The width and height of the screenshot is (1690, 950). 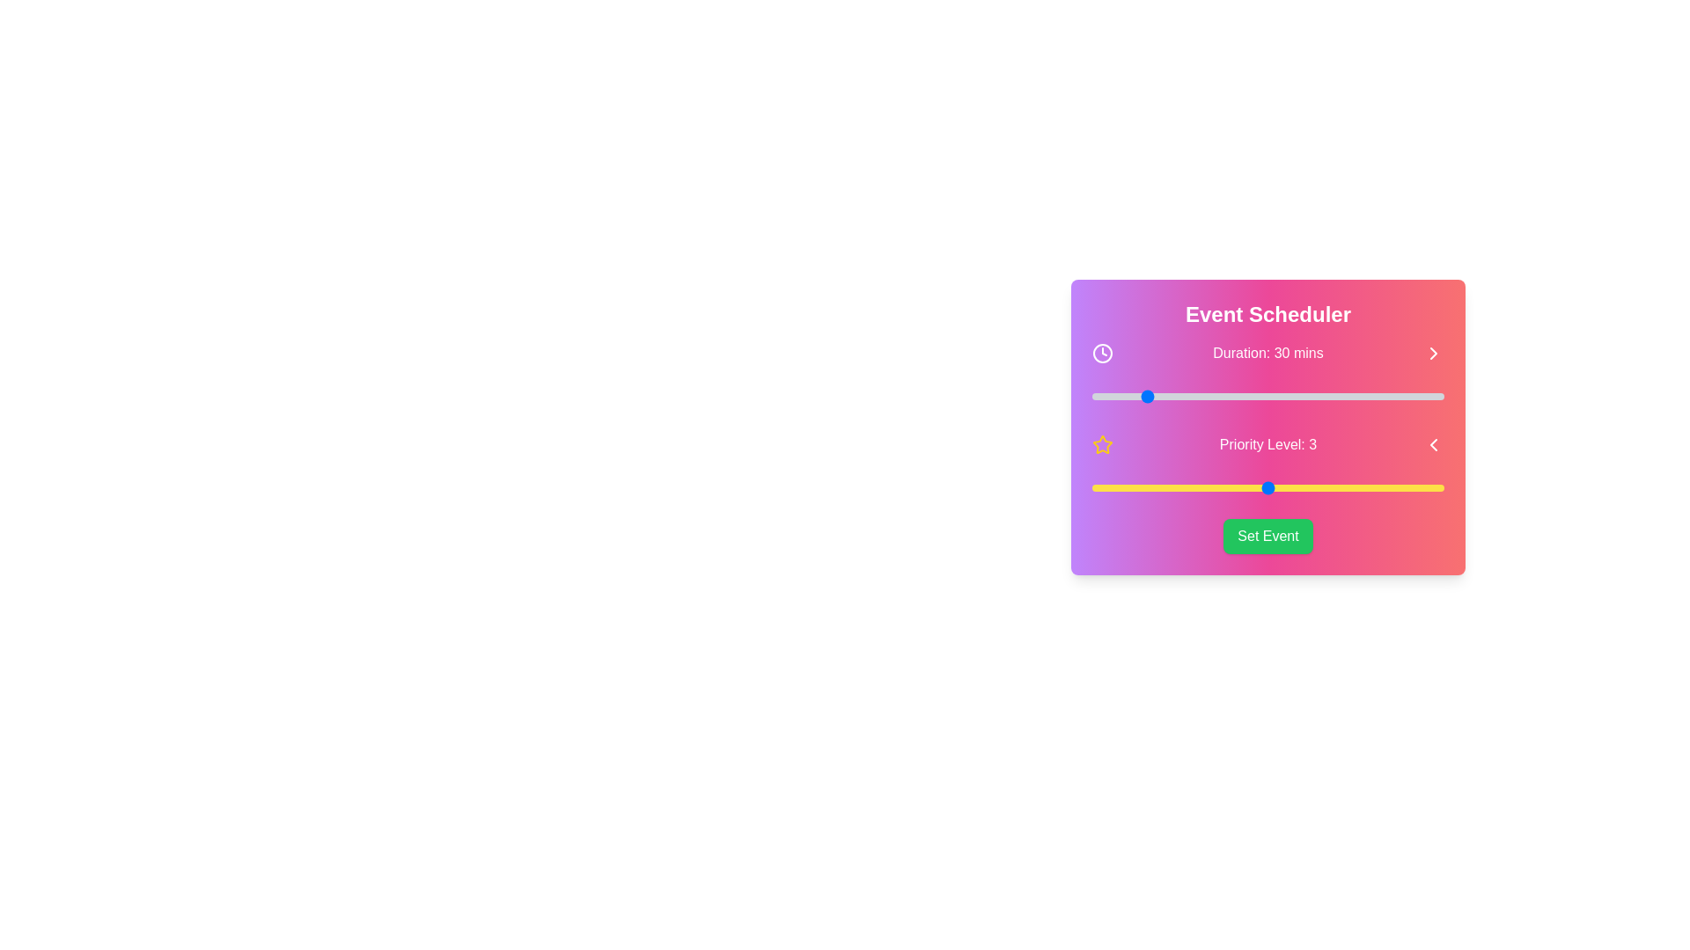 I want to click on the right-pointing chevron icon located on the right side of the 'Duration: 30 mins' label, so click(x=1433, y=353).